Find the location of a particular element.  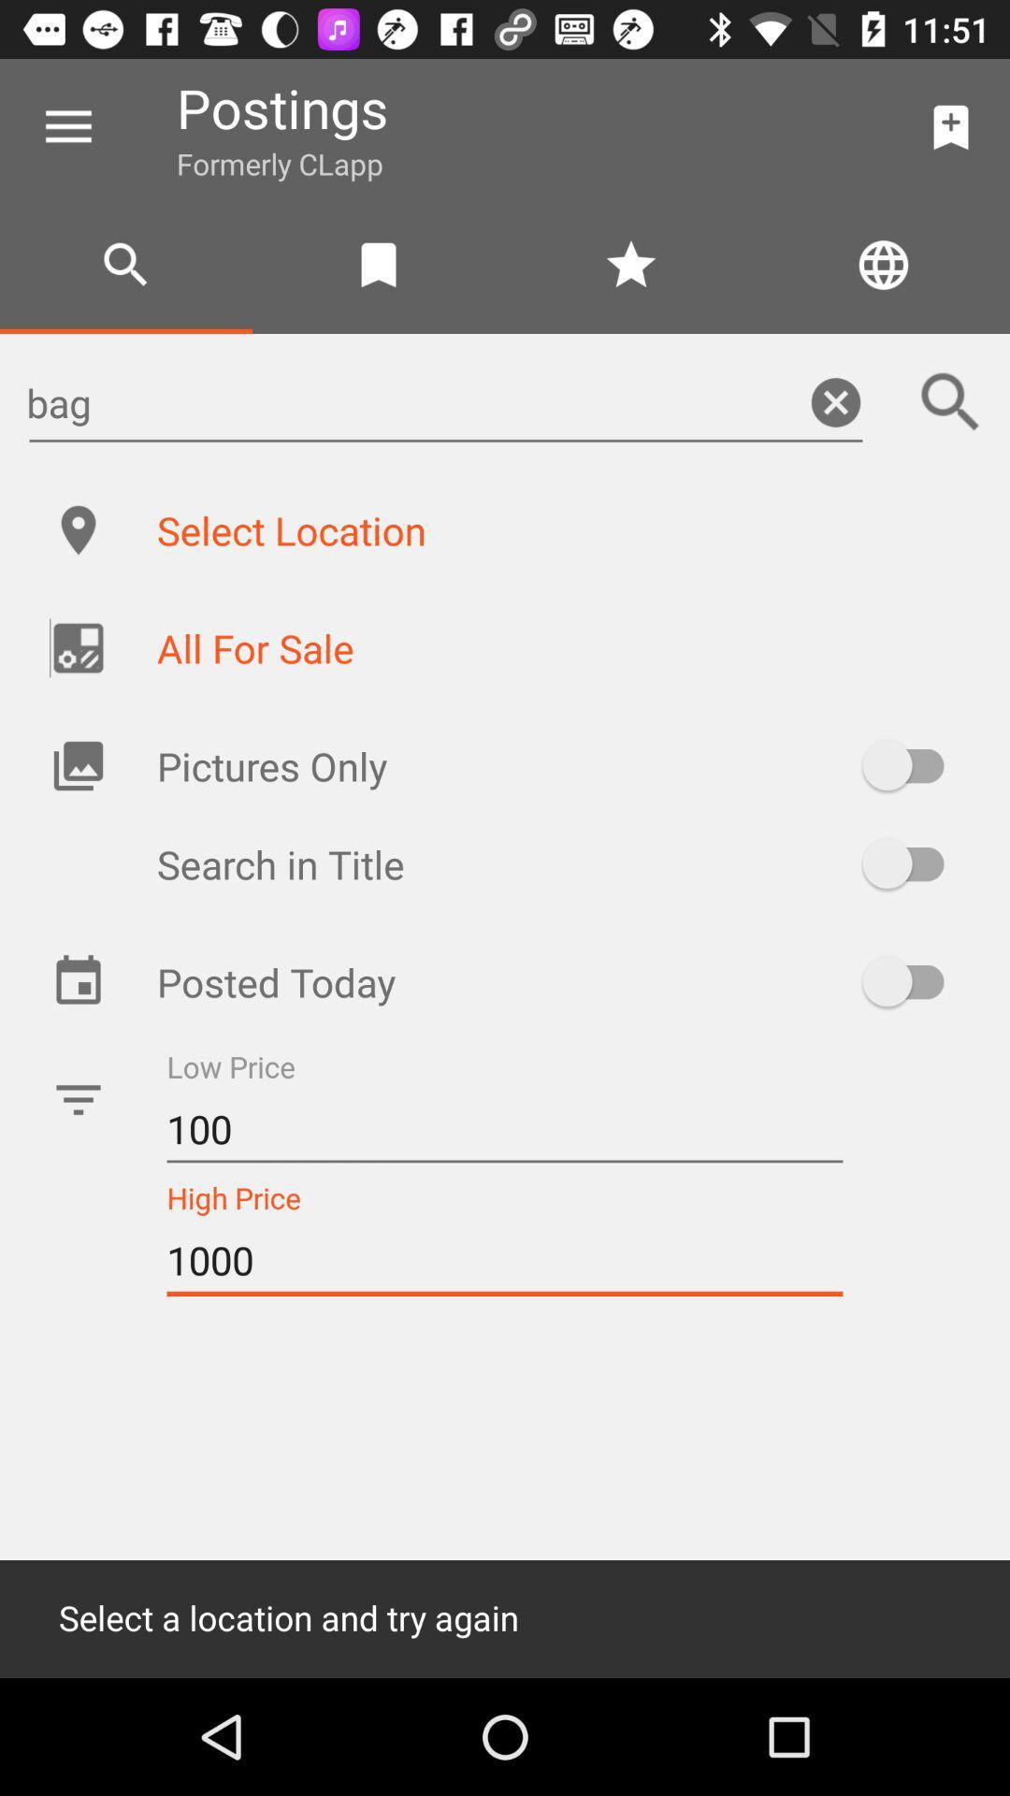

activate warning is located at coordinates (911, 980).